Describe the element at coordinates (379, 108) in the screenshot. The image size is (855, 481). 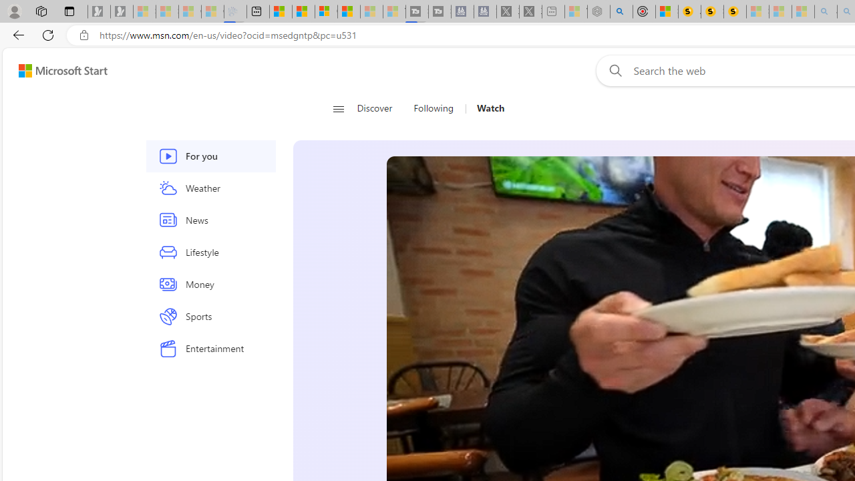
I see `'Discover'` at that location.